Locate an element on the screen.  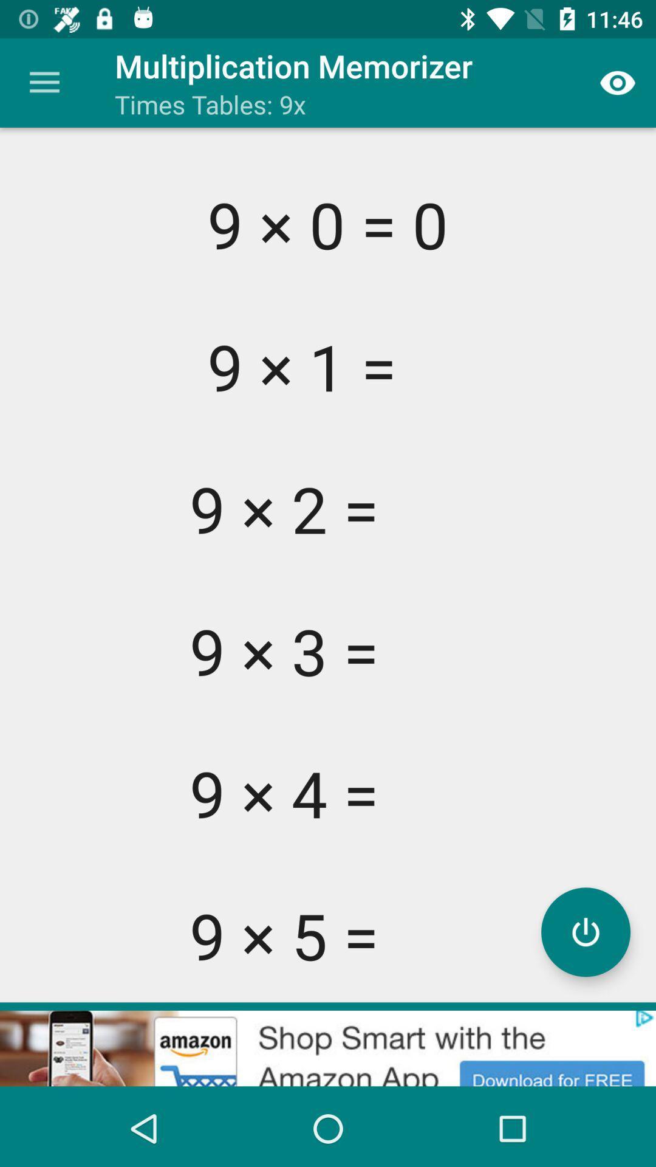
poweroff option is located at coordinates (585, 931).